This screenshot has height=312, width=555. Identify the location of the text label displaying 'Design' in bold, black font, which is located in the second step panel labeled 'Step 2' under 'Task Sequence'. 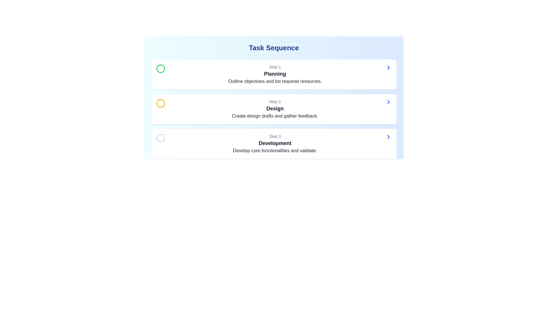
(275, 108).